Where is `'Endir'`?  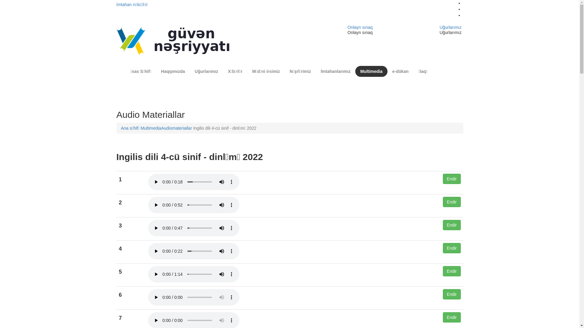 'Endir' is located at coordinates (452, 179).